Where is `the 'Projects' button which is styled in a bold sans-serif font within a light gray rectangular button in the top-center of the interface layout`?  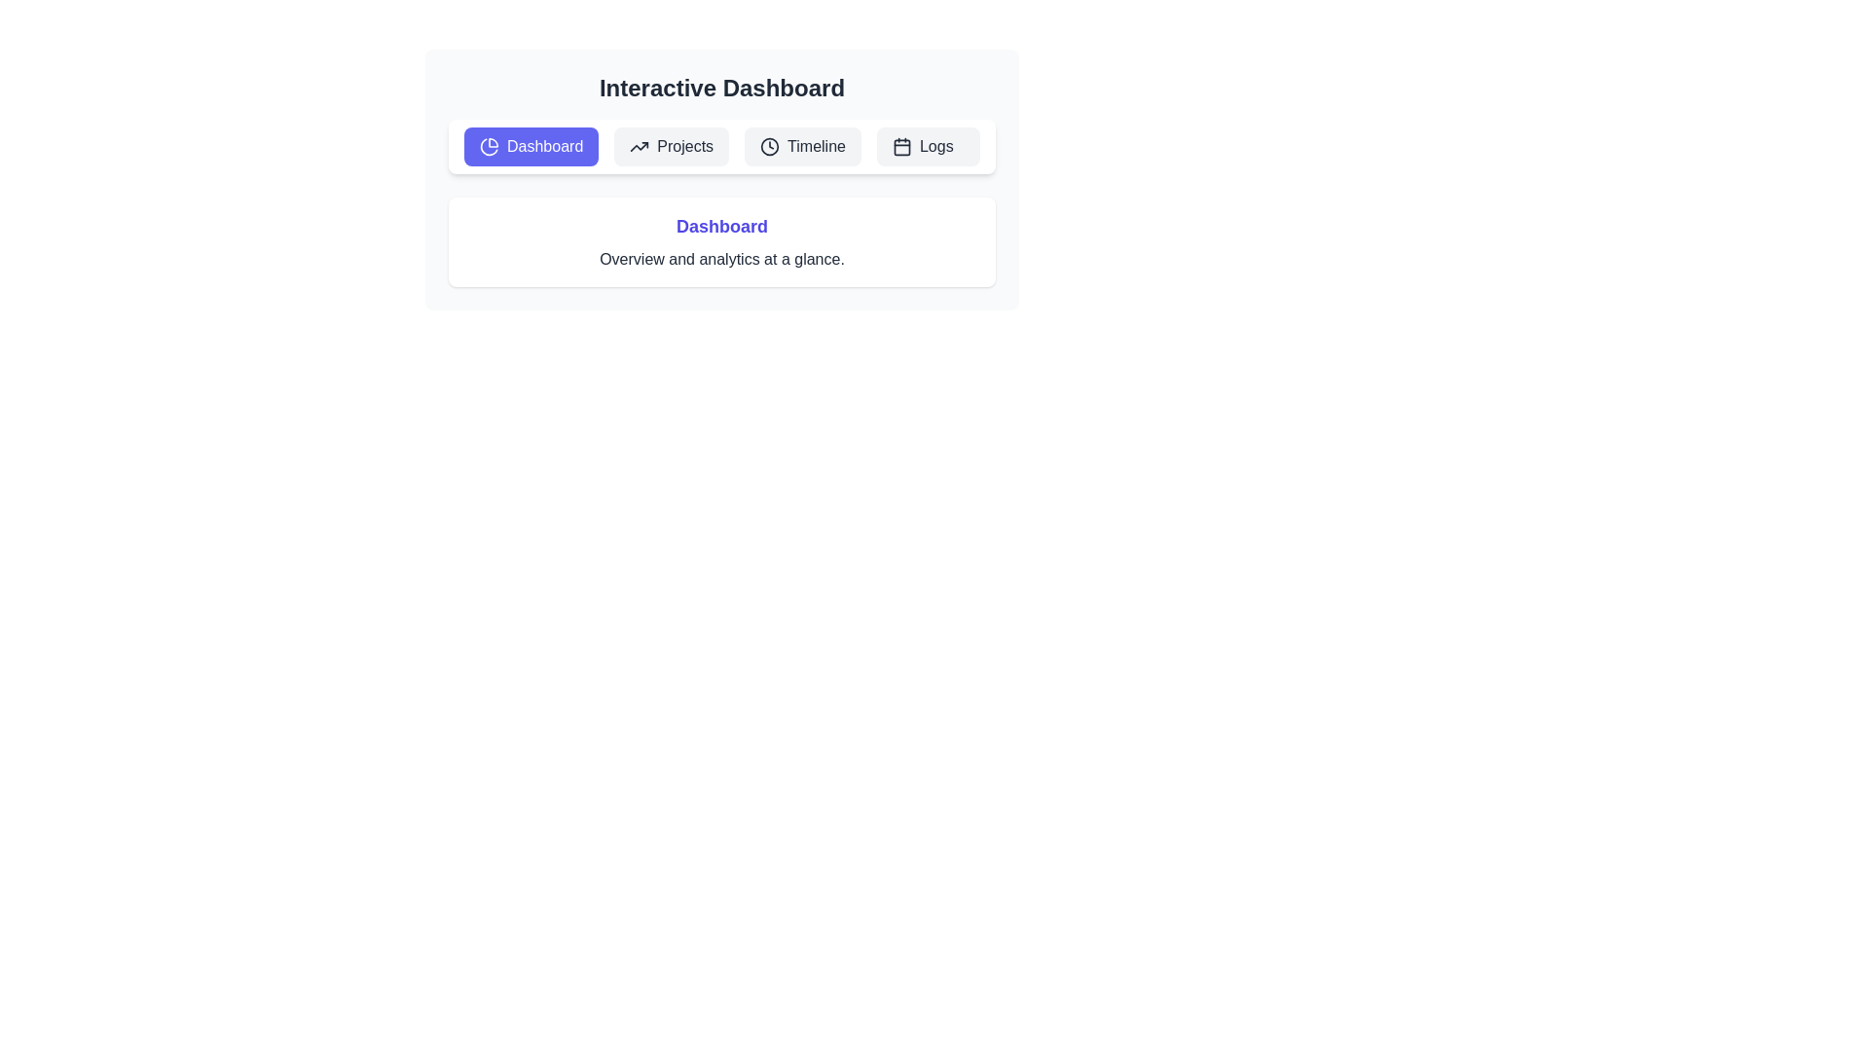
the 'Projects' button which is styled in a bold sans-serif font within a light gray rectangular button in the top-center of the interface layout is located at coordinates (685, 145).